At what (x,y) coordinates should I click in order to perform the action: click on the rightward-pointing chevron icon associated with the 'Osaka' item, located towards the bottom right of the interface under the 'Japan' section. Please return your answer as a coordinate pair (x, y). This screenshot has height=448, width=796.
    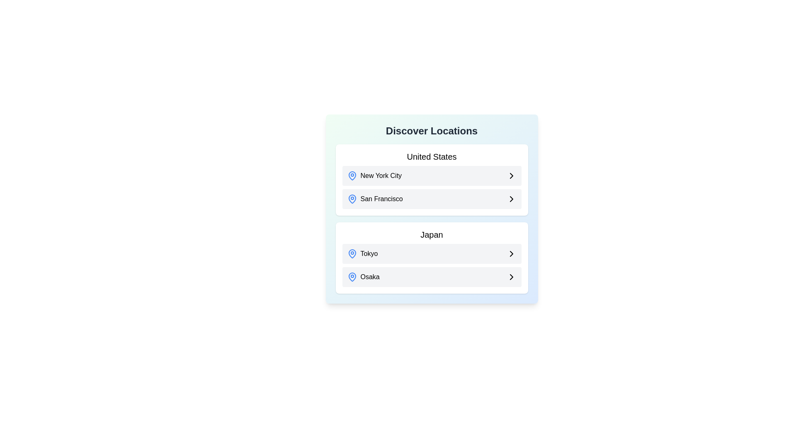
    Looking at the image, I should click on (511, 277).